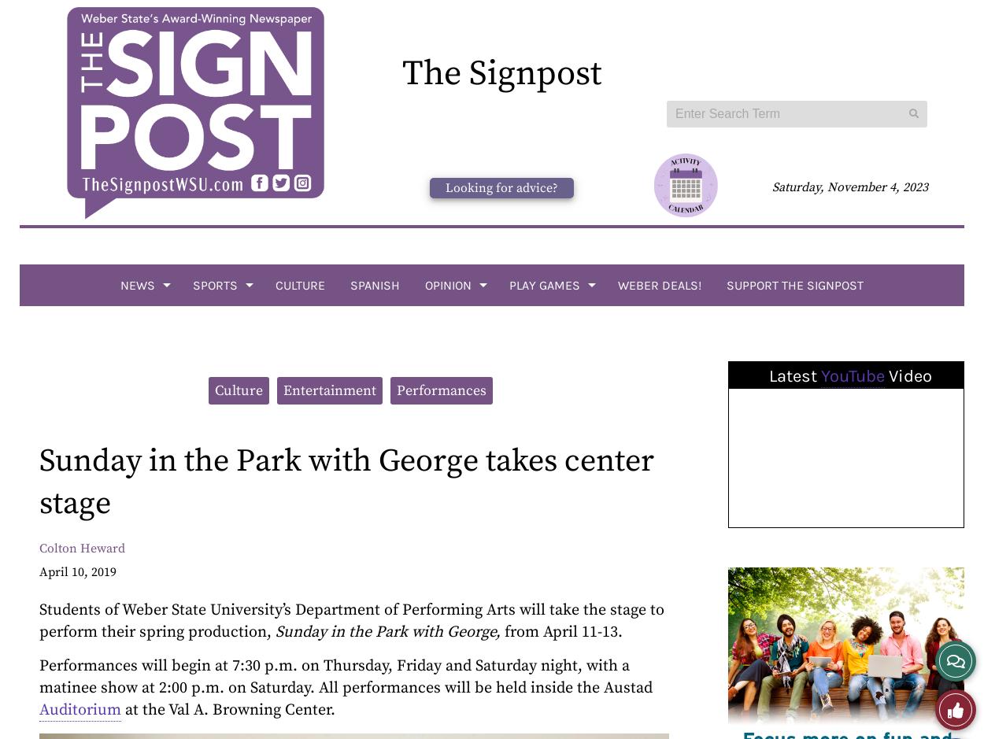 The width and height of the screenshot is (984, 739). Describe the element at coordinates (794, 375) in the screenshot. I see `'Latest'` at that location.